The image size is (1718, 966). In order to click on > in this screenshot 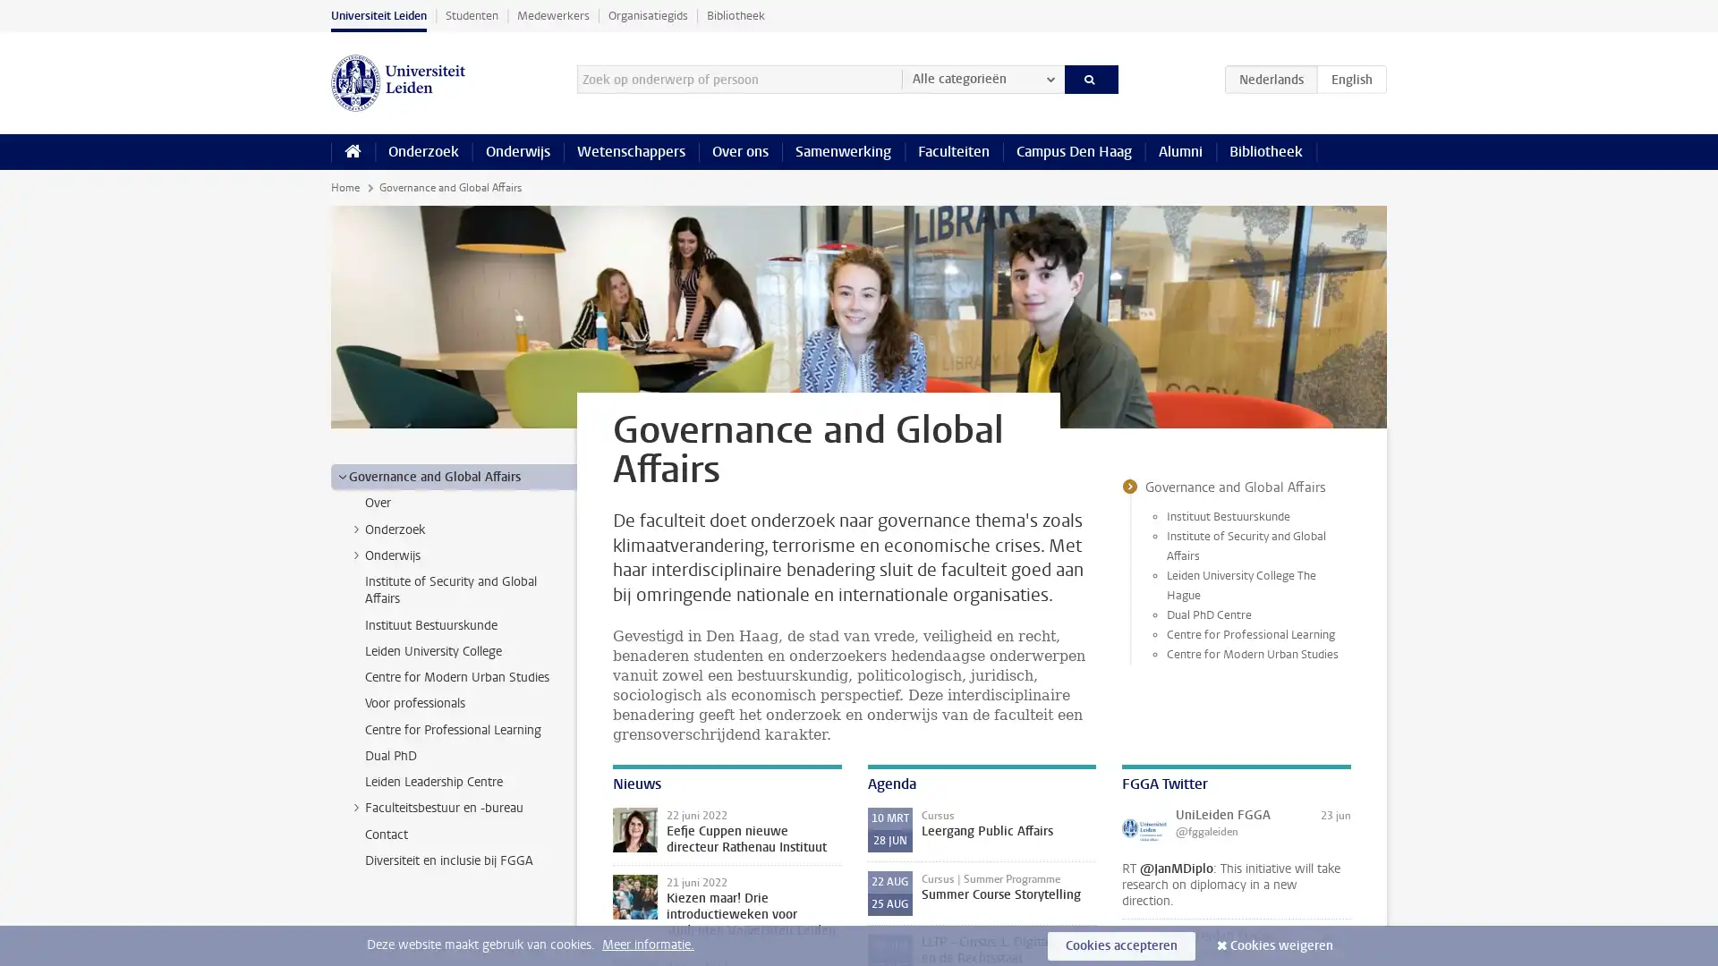, I will do `click(356, 527)`.